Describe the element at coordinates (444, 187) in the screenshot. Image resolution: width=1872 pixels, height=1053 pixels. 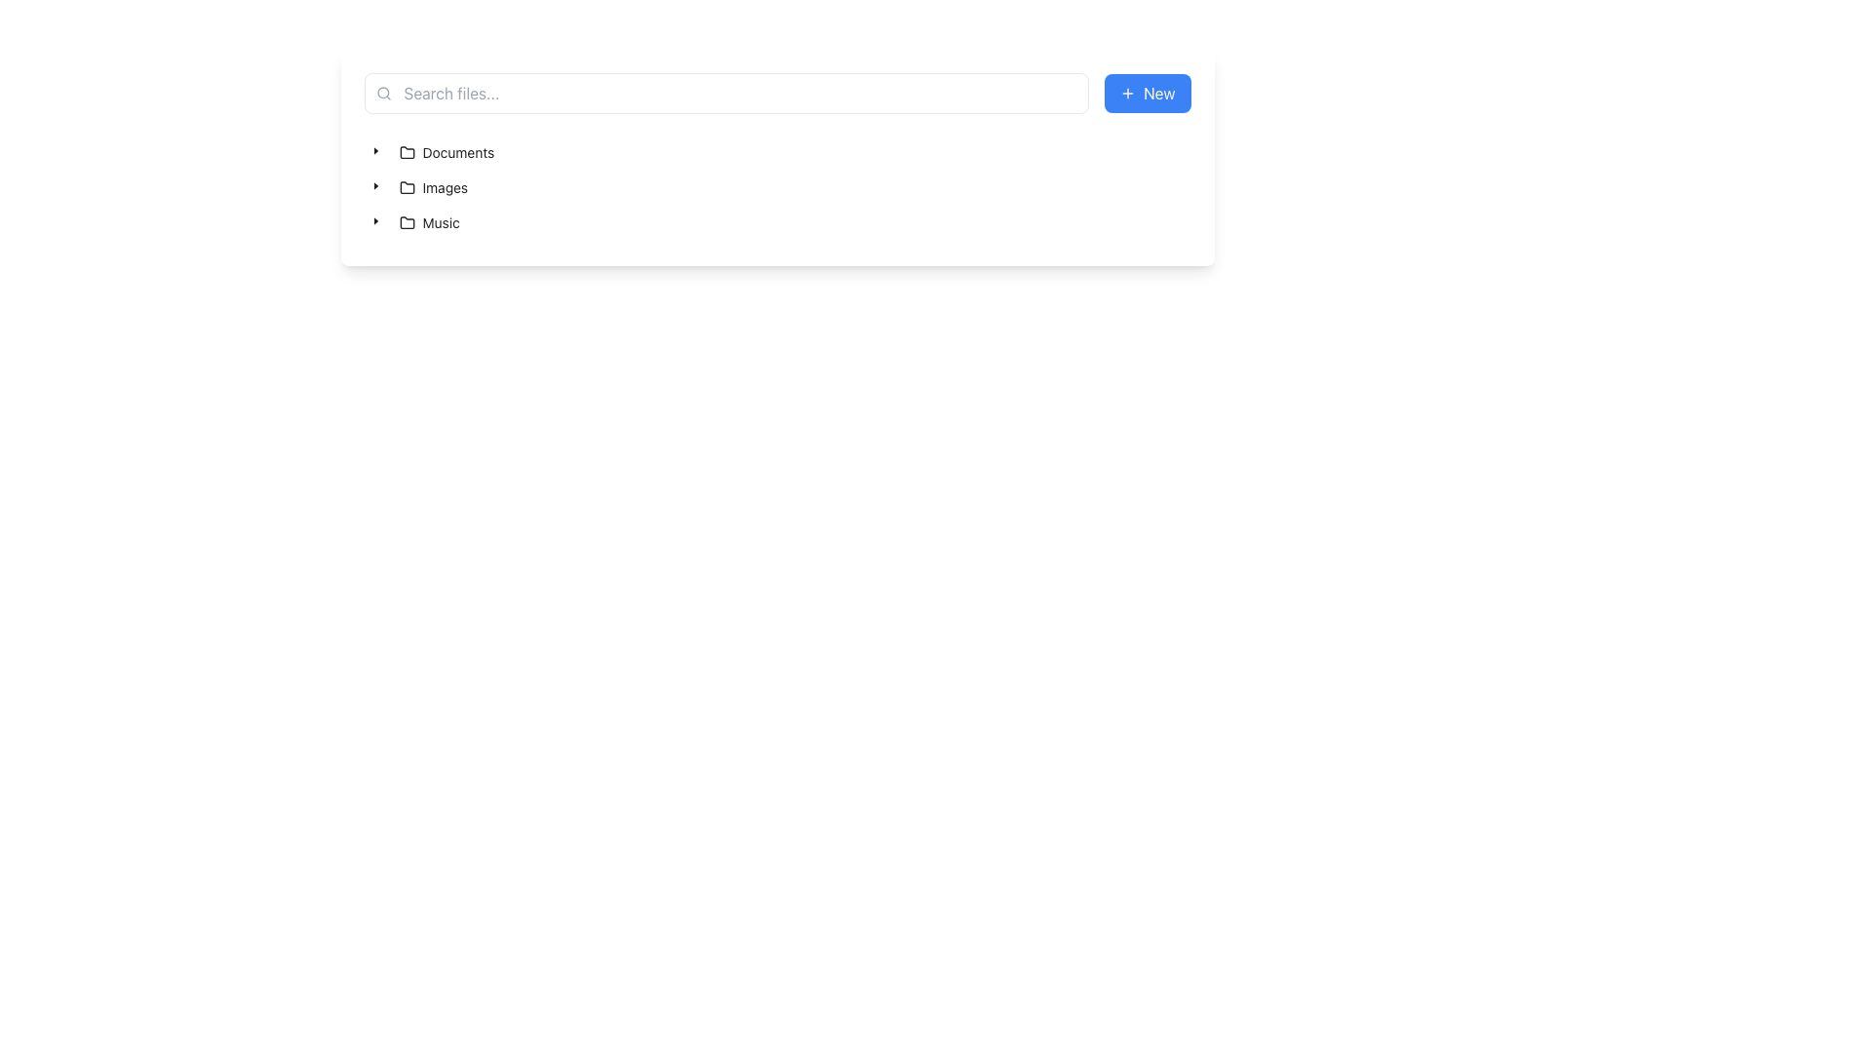
I see `the 'Images' folder label` at that location.